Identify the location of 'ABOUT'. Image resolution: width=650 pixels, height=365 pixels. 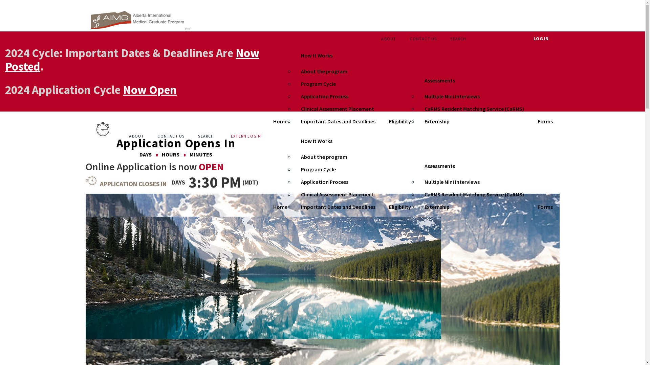
(388, 39).